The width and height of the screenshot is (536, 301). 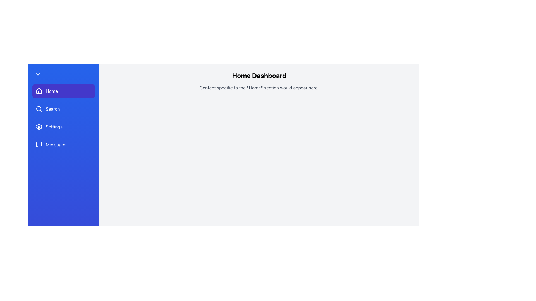 I want to click on the medium-gray text reading 'Content specific to the "Home" section would appear here.' that is positioned below the 'Home Dashboard' header to interact with it if it is enabled, so click(x=259, y=88).